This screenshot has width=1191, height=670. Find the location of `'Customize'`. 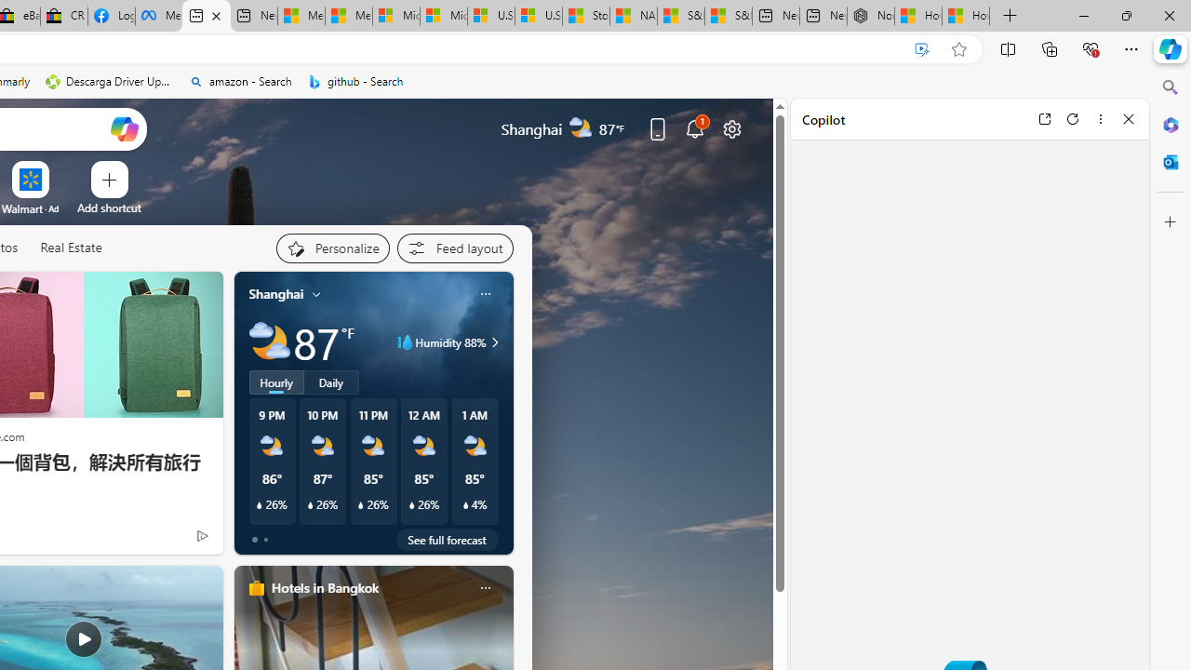

'Customize' is located at coordinates (1170, 221).